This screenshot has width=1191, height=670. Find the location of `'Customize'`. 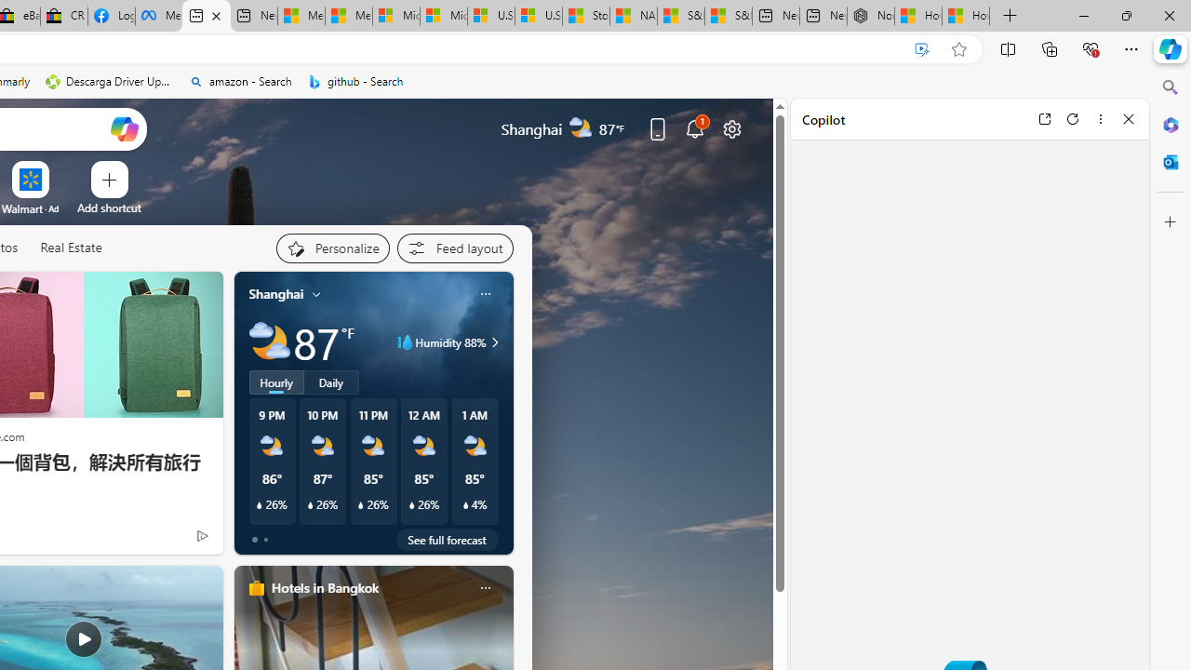

'Customize' is located at coordinates (1170, 221).